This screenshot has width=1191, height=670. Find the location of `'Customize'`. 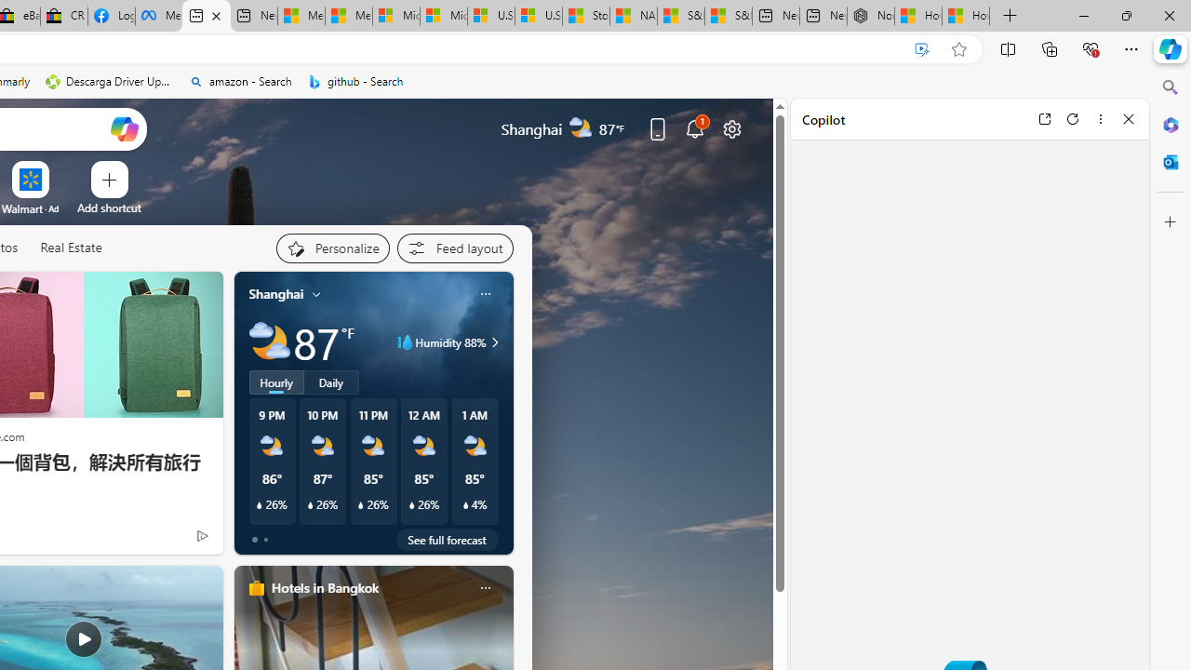

'Customize' is located at coordinates (1170, 221).